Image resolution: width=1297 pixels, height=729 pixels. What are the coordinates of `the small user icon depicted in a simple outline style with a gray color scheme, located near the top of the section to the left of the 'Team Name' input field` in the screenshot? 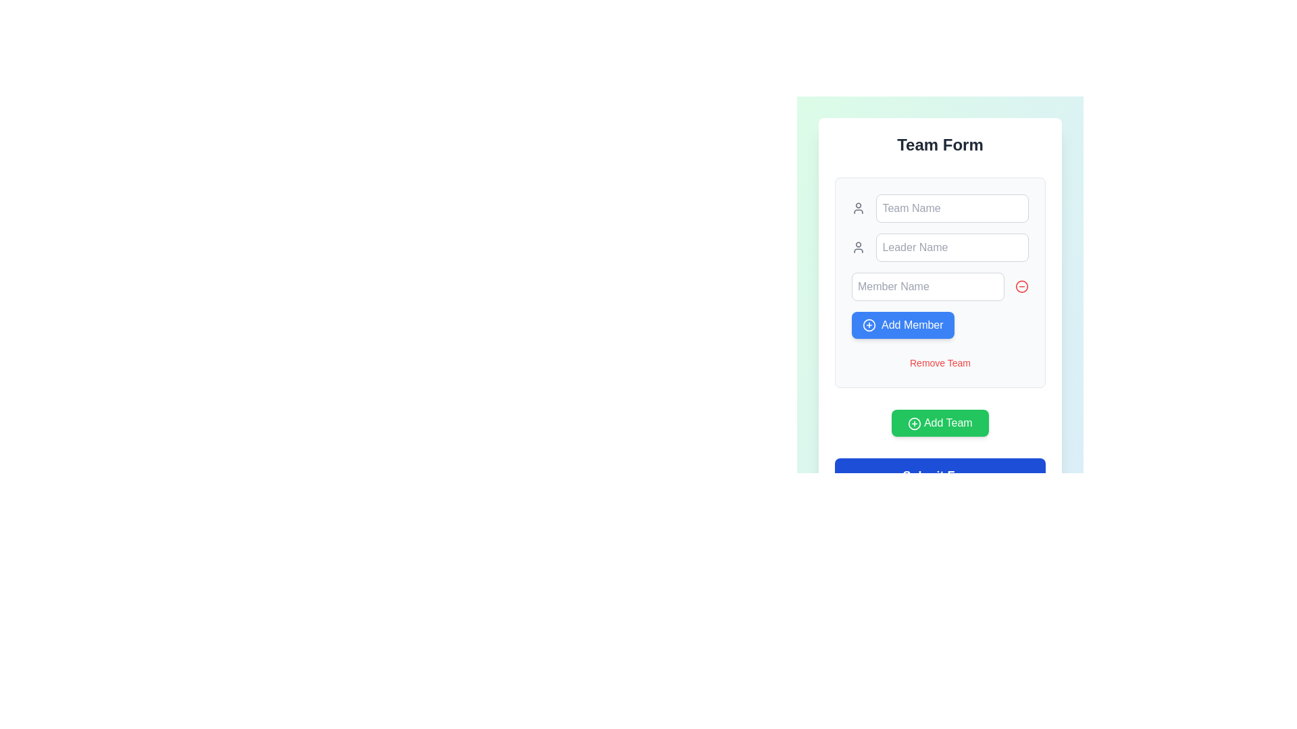 It's located at (858, 208).